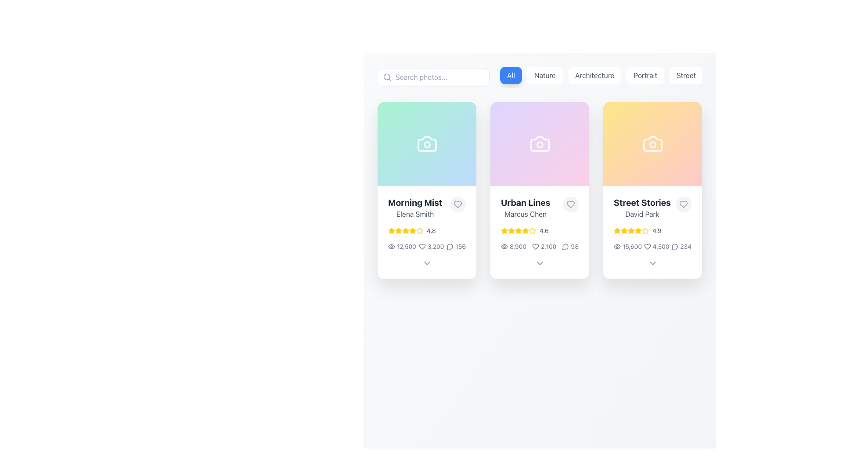 The image size is (843, 474). Describe the element at coordinates (652, 143) in the screenshot. I see `the camera icon with a white outline on a gradient background within the 'Street Stories' card by 'David Park'` at that location.